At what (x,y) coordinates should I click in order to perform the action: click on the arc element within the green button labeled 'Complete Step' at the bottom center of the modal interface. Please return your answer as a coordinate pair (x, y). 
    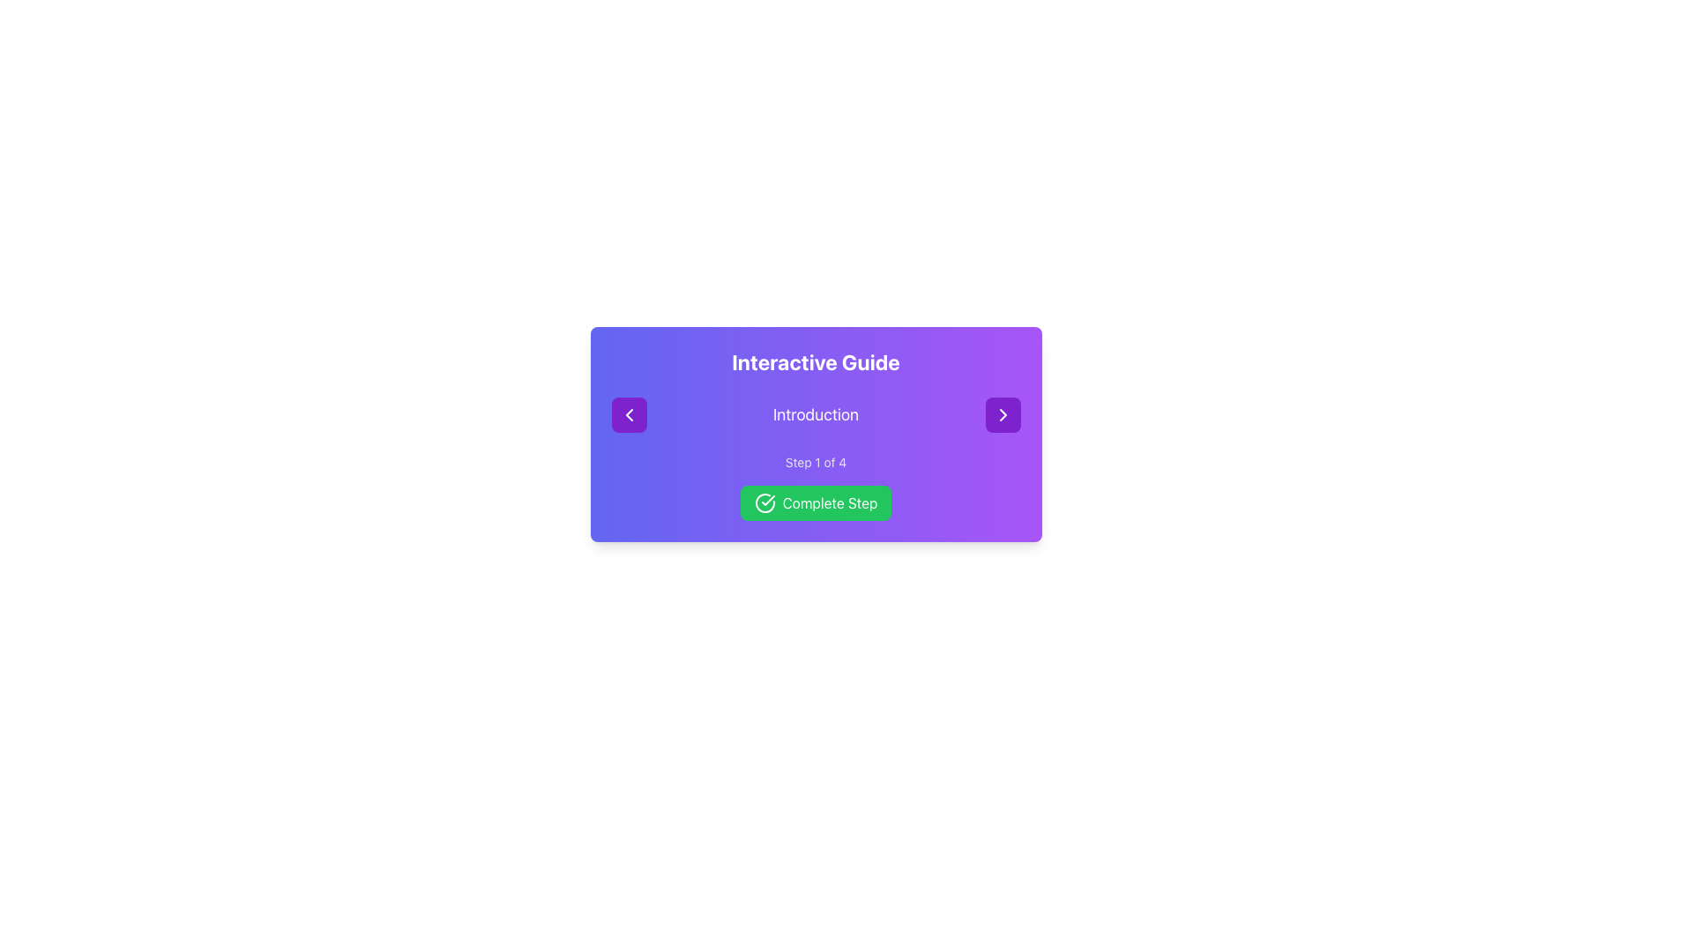
    Looking at the image, I should click on (764, 502).